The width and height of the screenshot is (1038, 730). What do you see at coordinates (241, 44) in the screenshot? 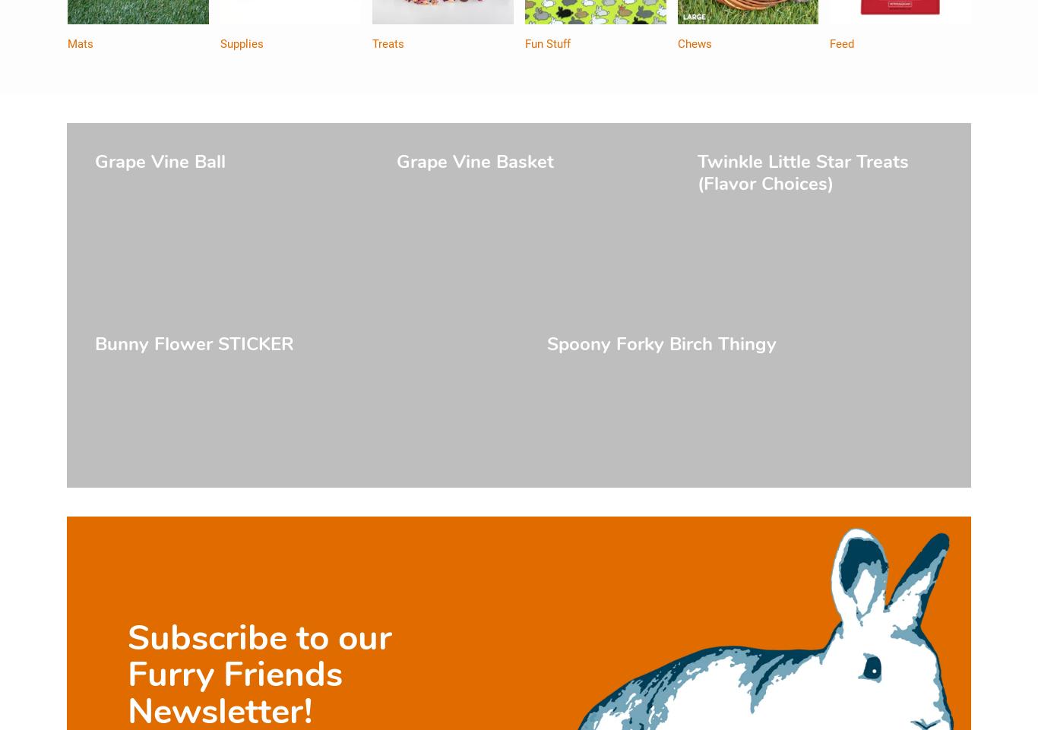
I see `'Supplies'` at bounding box center [241, 44].